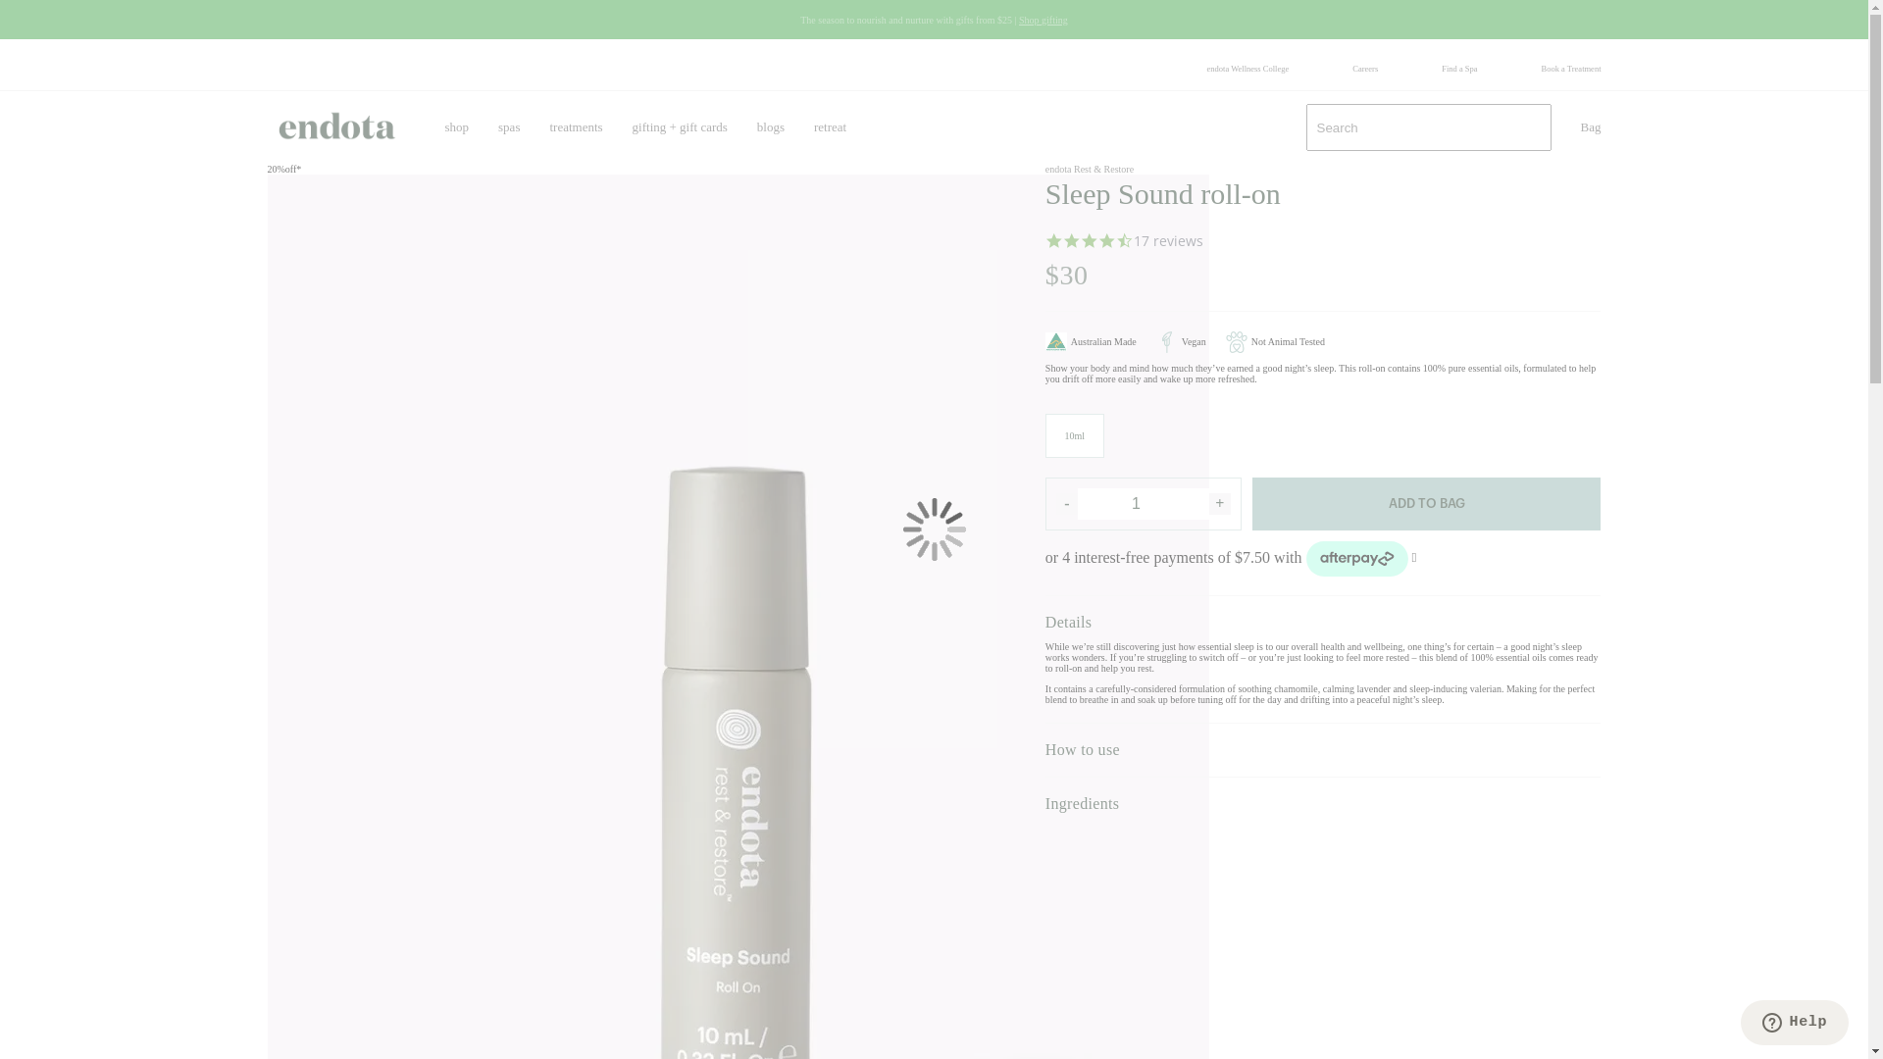 The image size is (1883, 1059). I want to click on 'Bag', so click(1591, 127).